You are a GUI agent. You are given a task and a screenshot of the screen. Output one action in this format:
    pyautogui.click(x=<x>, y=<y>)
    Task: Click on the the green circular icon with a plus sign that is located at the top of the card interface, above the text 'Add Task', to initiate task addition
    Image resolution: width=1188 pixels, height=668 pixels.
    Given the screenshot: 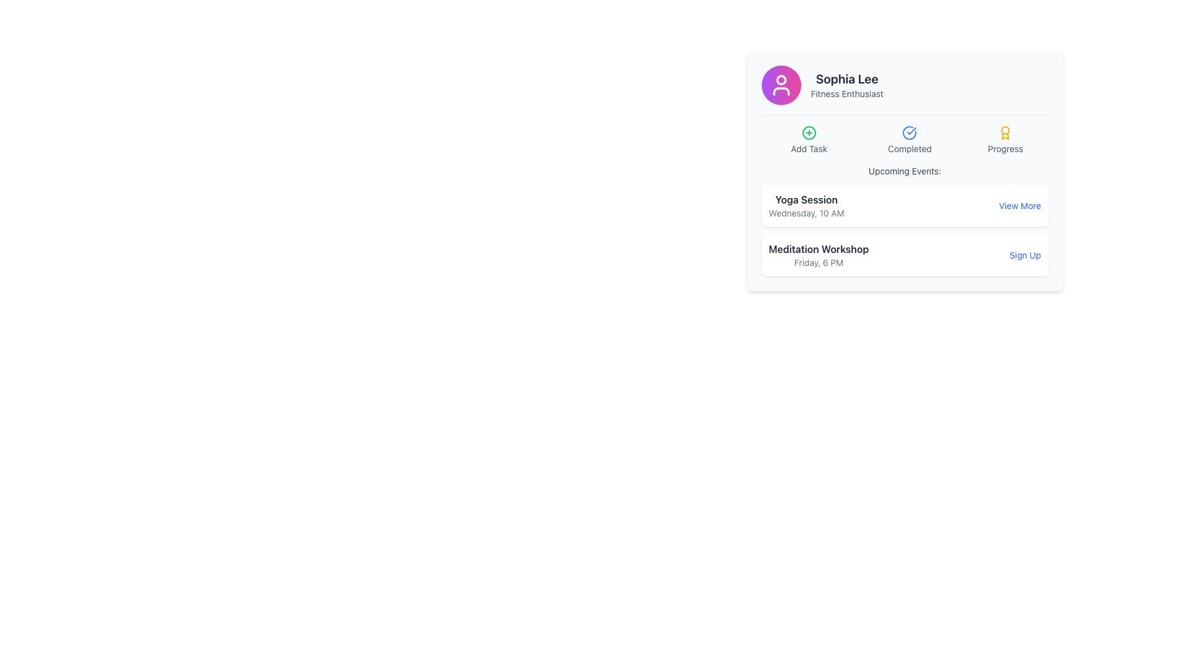 What is the action you would take?
    pyautogui.click(x=809, y=133)
    